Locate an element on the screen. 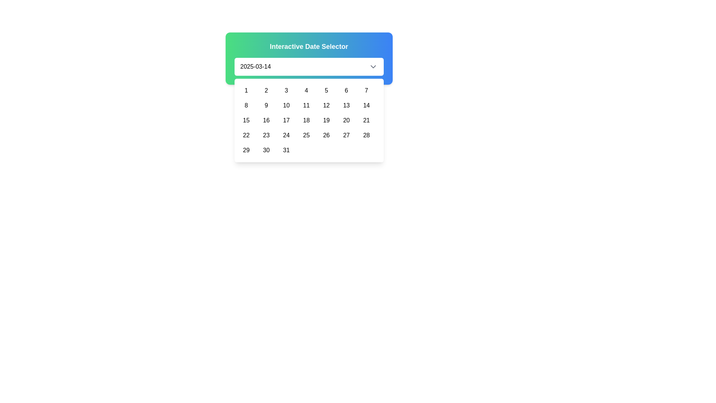 This screenshot has height=403, width=716. the button that allows the user to select the date numbered '6' from the calendar is located at coordinates (346, 90).